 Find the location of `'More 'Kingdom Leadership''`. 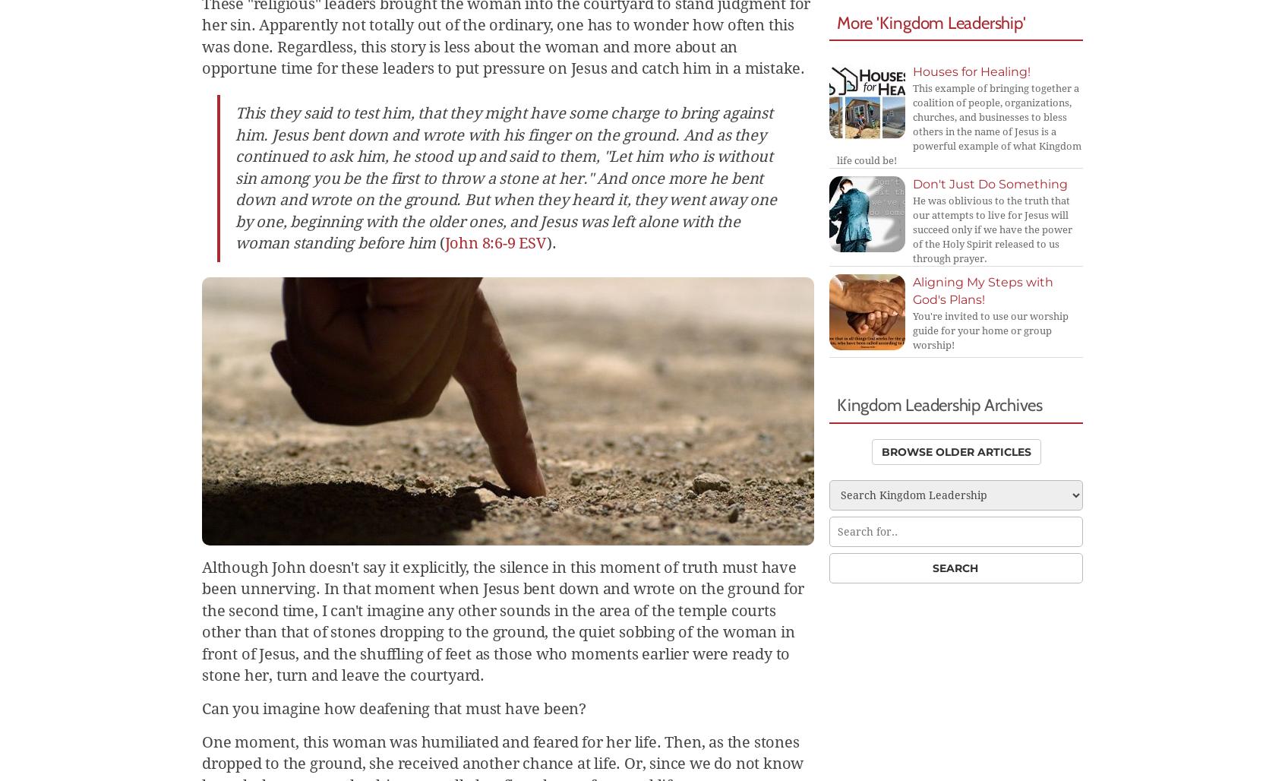

'More 'Kingdom Leadership'' is located at coordinates (931, 21).